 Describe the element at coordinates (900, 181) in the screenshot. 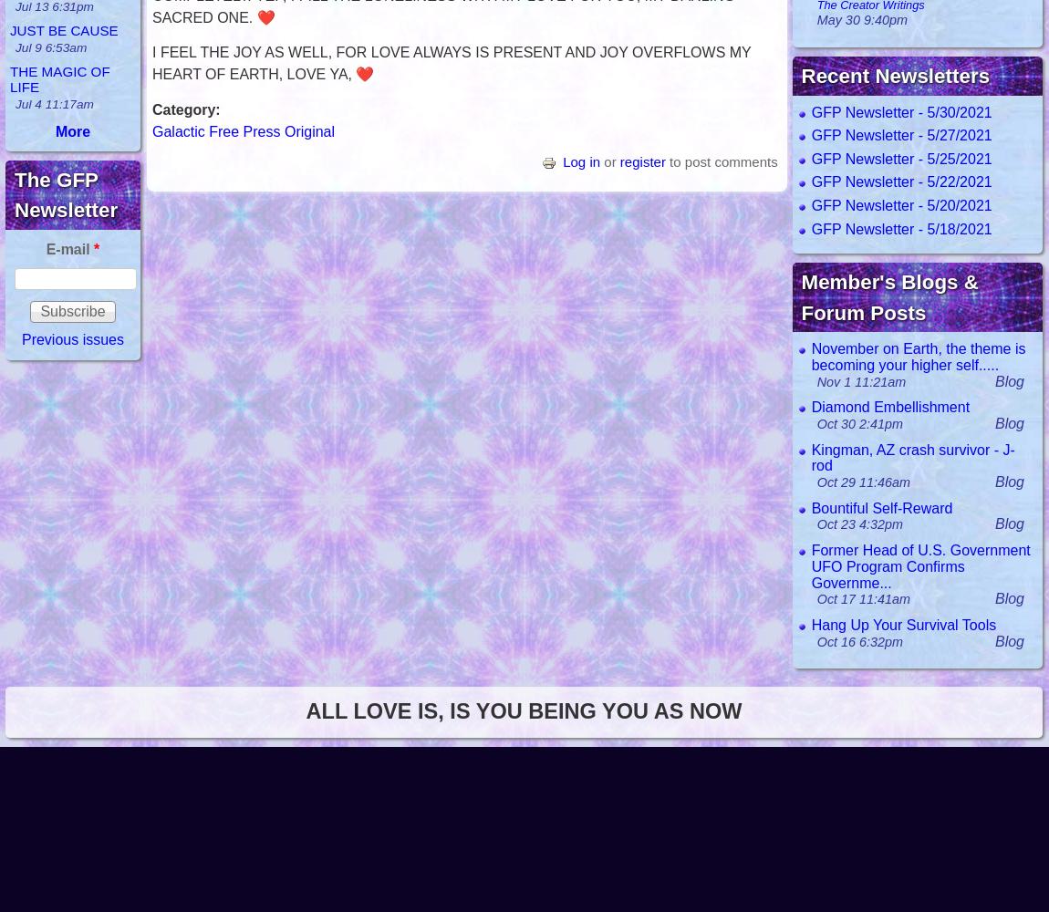

I see `'GFP Newsletter - 5/22/2021'` at that location.